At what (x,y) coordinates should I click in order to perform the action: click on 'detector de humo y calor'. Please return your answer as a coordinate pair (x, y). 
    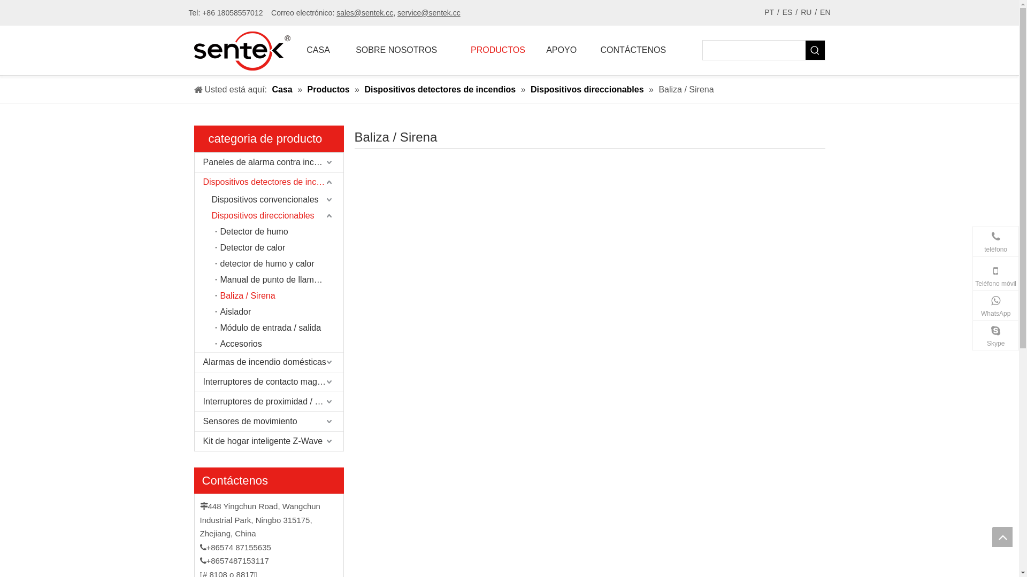
    Looking at the image, I should click on (279, 263).